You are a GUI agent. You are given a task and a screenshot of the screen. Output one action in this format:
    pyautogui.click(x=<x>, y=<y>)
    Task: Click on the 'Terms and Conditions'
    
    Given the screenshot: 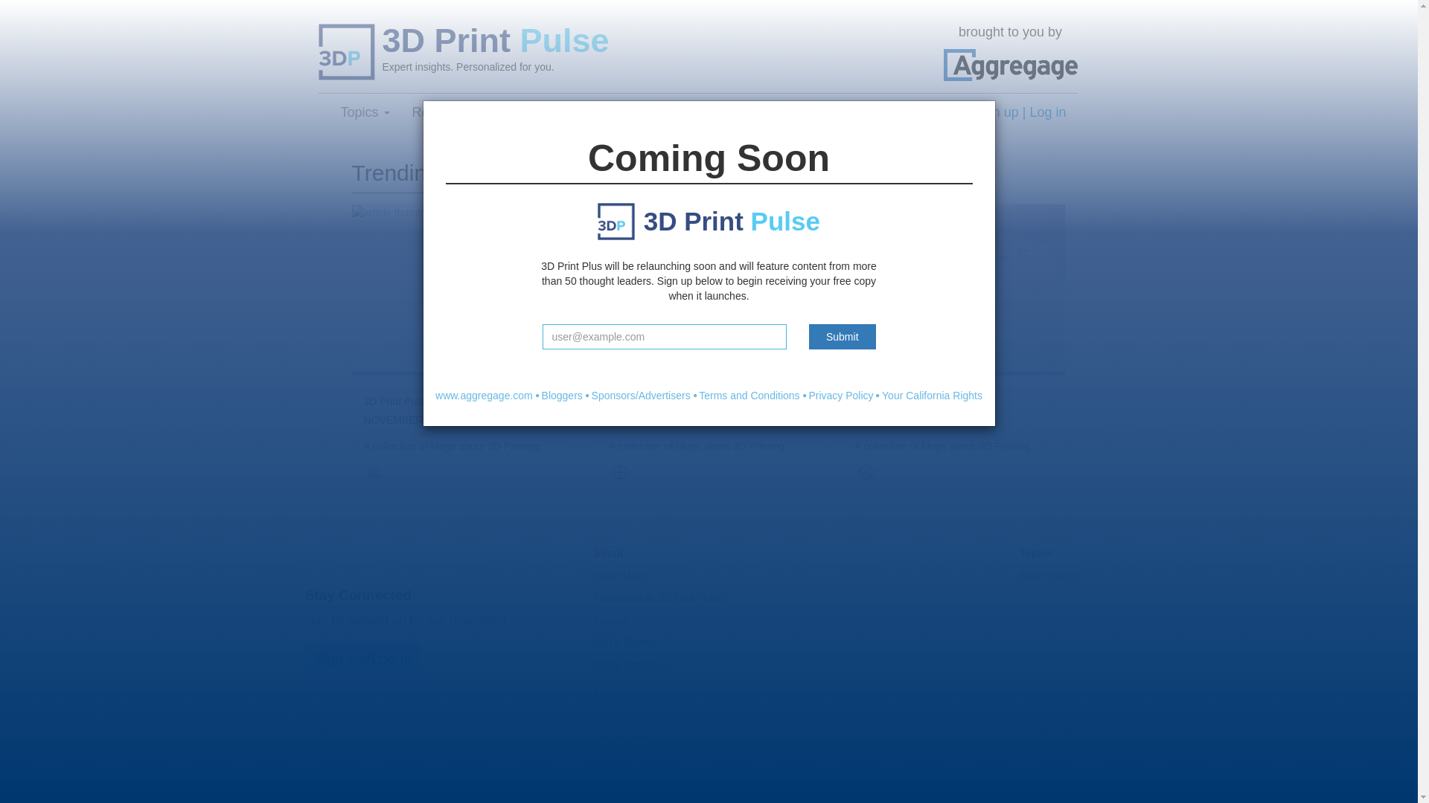 What is the action you would take?
    pyautogui.click(x=749, y=395)
    